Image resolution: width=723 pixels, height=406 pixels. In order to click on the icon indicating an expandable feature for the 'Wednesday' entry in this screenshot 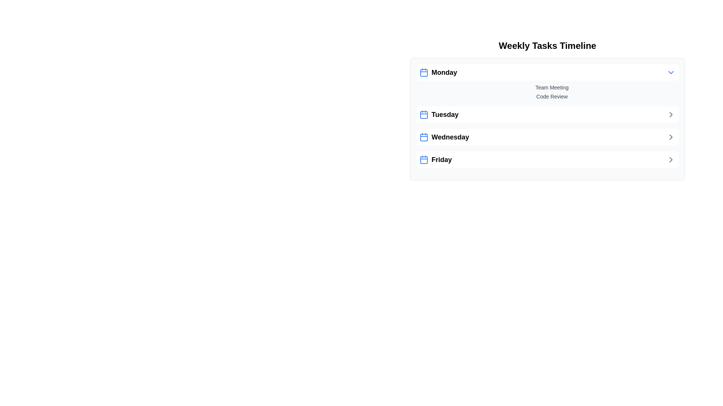, I will do `click(671, 137)`.